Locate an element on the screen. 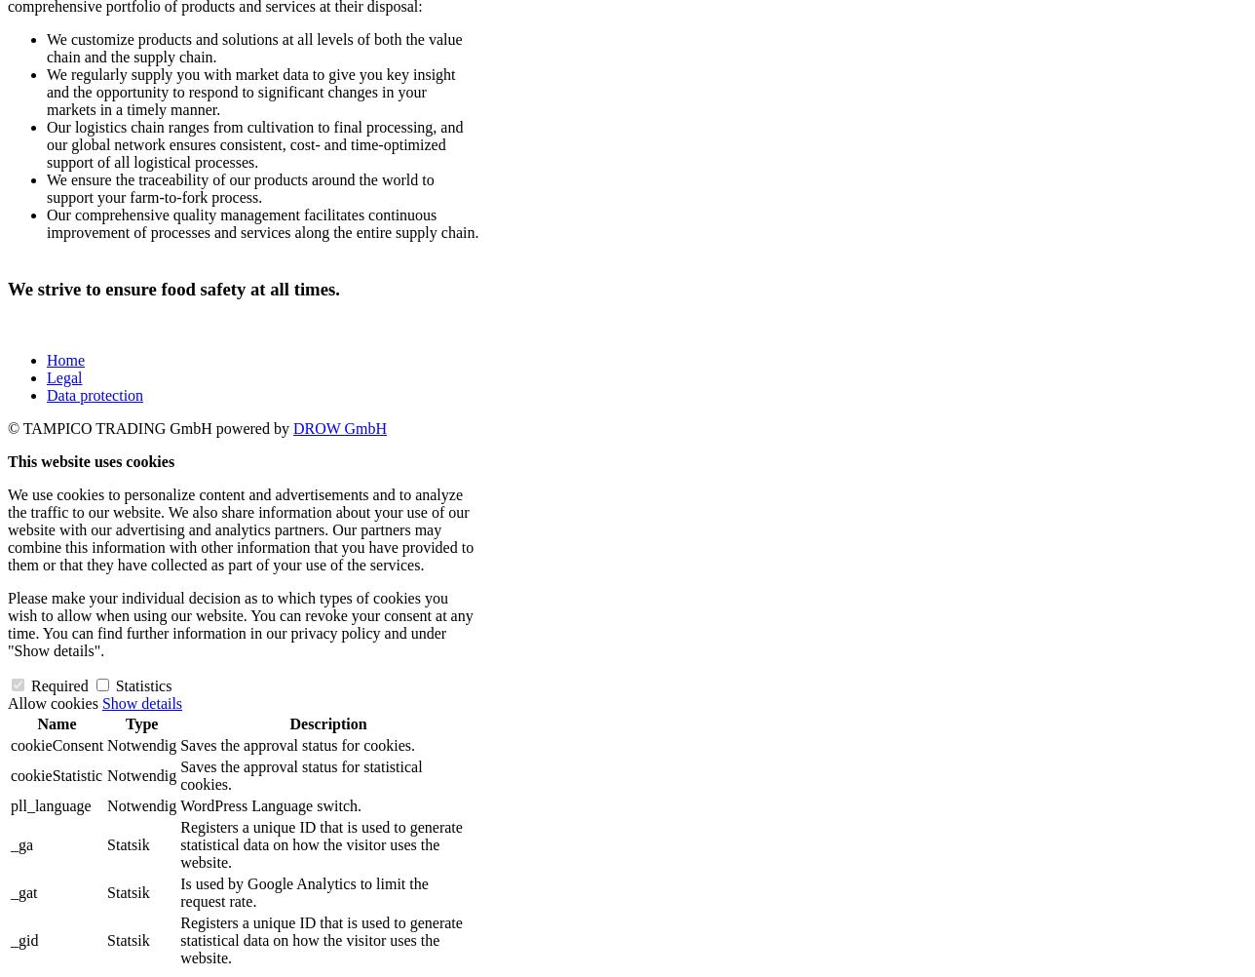  'This website uses cookies' is located at coordinates (91, 460).